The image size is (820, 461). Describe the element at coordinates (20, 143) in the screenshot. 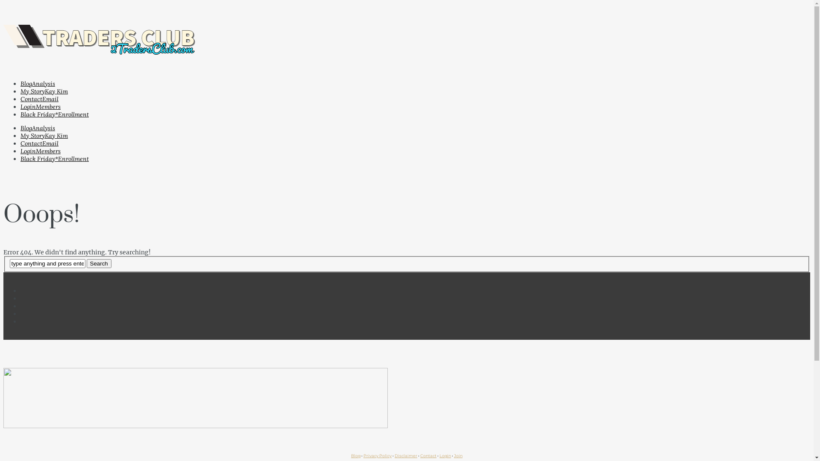

I see `'ContactEmail'` at that location.